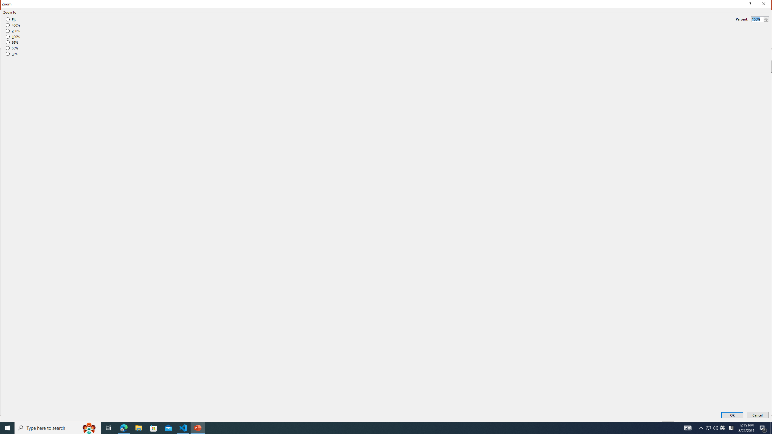 The image size is (772, 434). What do you see at coordinates (11, 54) in the screenshot?
I see `'33%'` at bounding box center [11, 54].